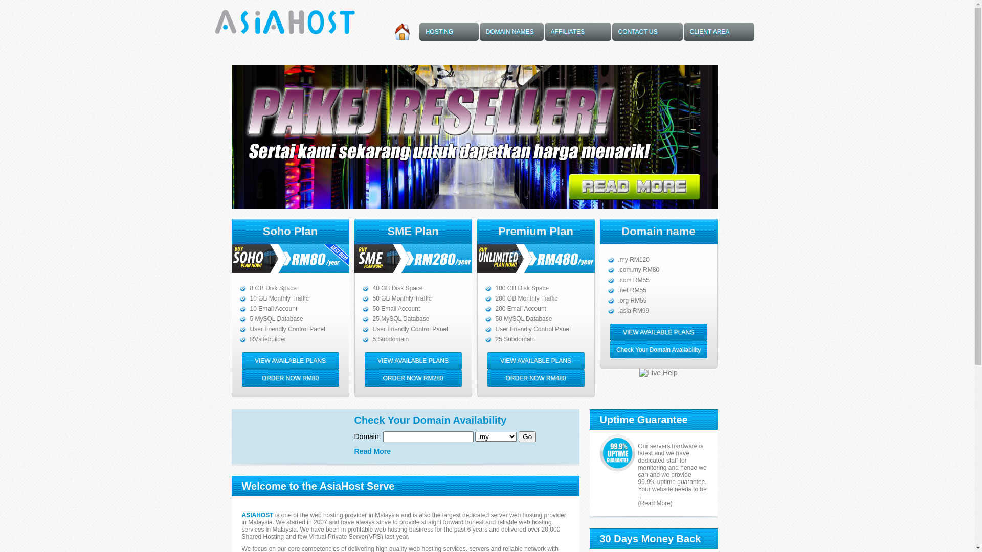 This screenshot has height=552, width=982. What do you see at coordinates (412, 360) in the screenshot?
I see `'VIEW AVAILABLE PLANS'` at bounding box center [412, 360].